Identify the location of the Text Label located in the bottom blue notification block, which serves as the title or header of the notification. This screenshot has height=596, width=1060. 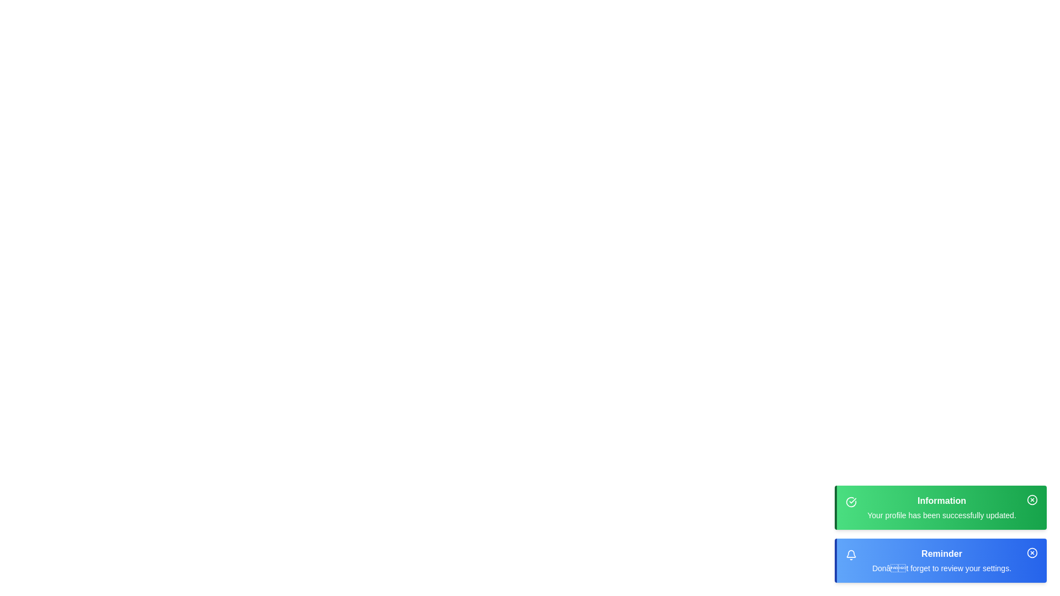
(941, 554).